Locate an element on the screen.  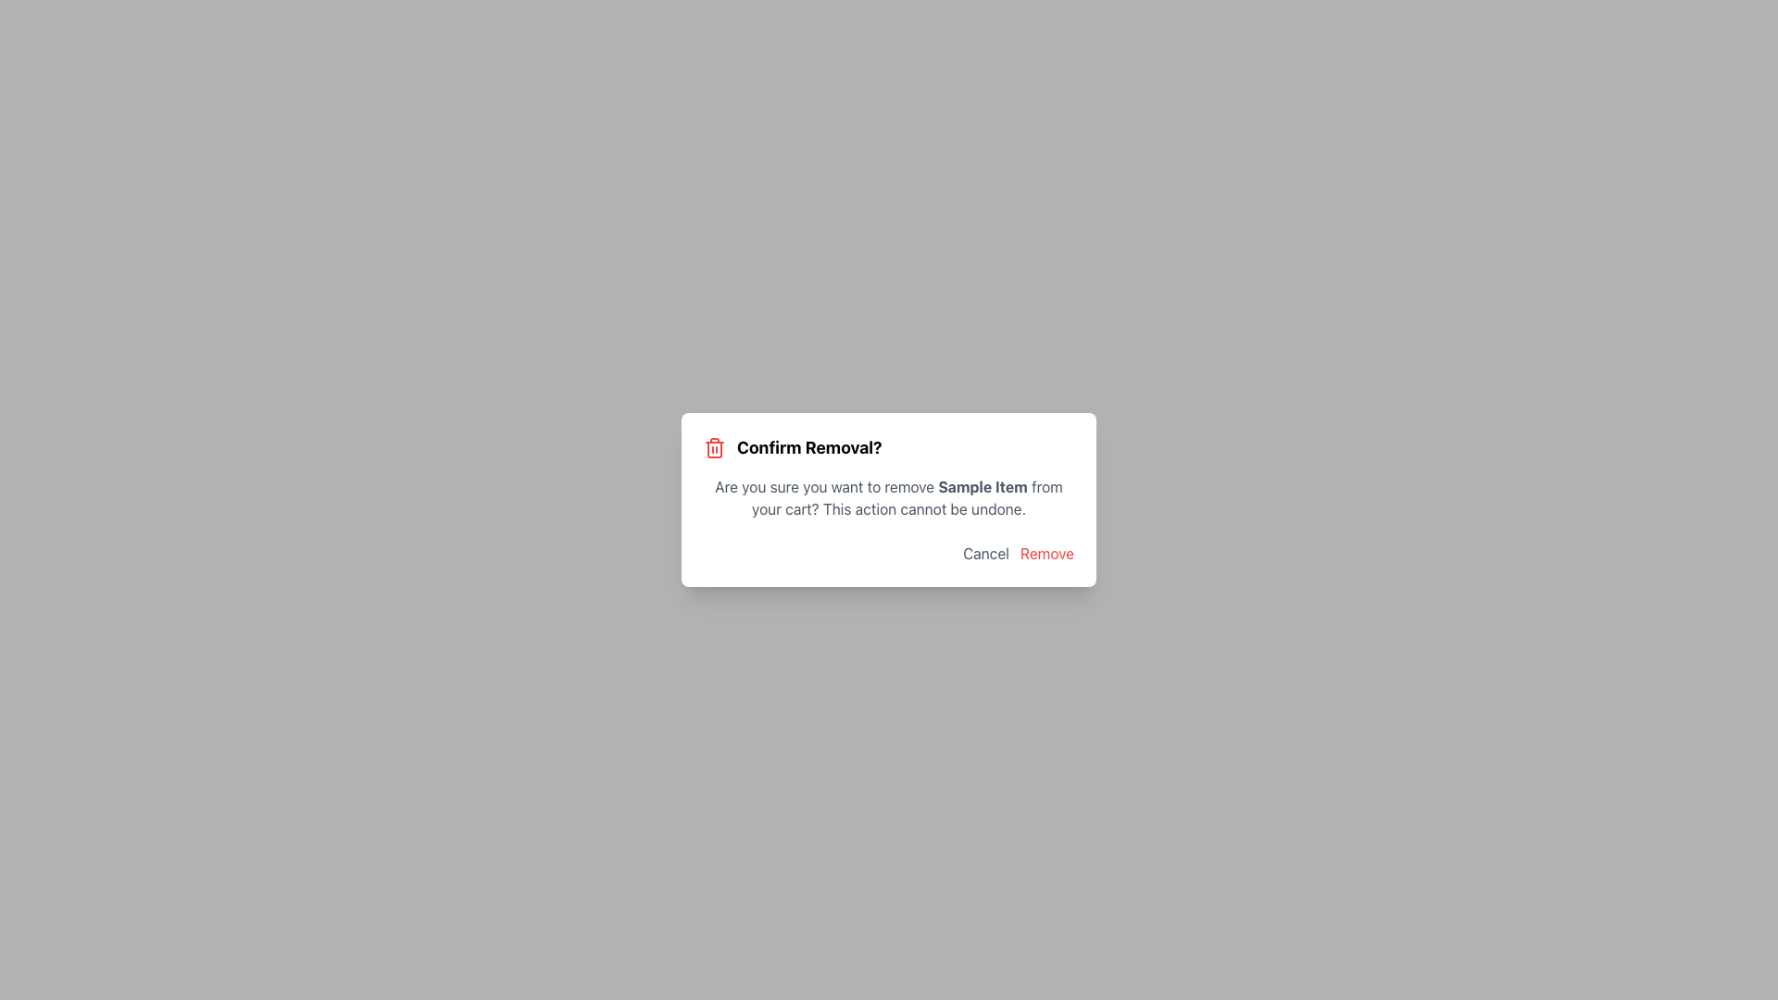
the 'Remove' button located in the bottom-right corner of the dialog box to confirm the action of removing an item is located at coordinates (1046, 552).